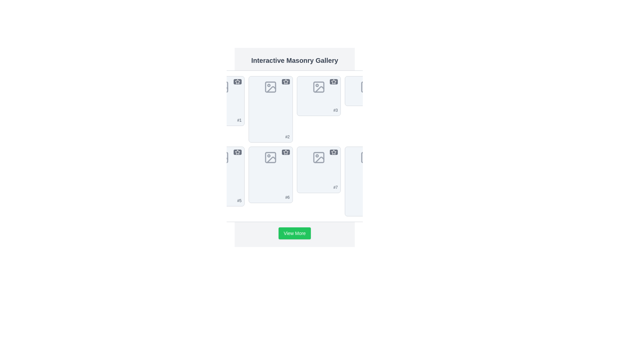 The height and width of the screenshot is (359, 639). Describe the element at coordinates (318, 169) in the screenshot. I see `the card component in the grid layout, which is located below panel '#3' and to the right of panel '#6'` at that location.